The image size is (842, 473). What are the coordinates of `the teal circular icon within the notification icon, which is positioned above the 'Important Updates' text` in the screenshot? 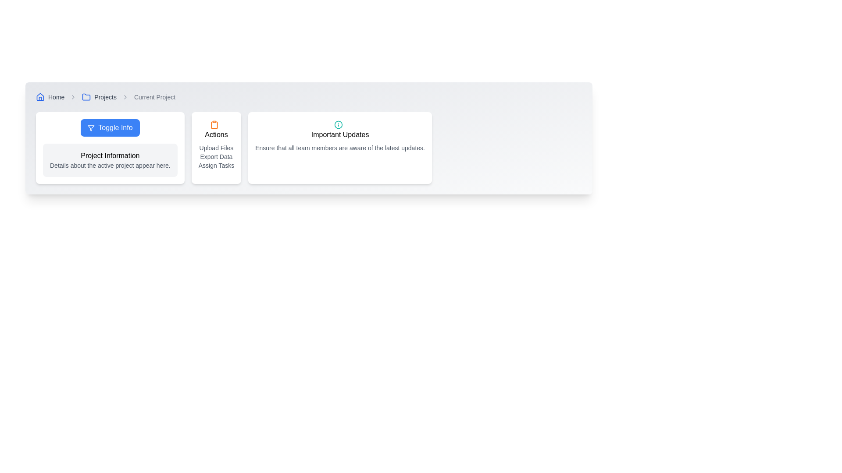 It's located at (338, 124).